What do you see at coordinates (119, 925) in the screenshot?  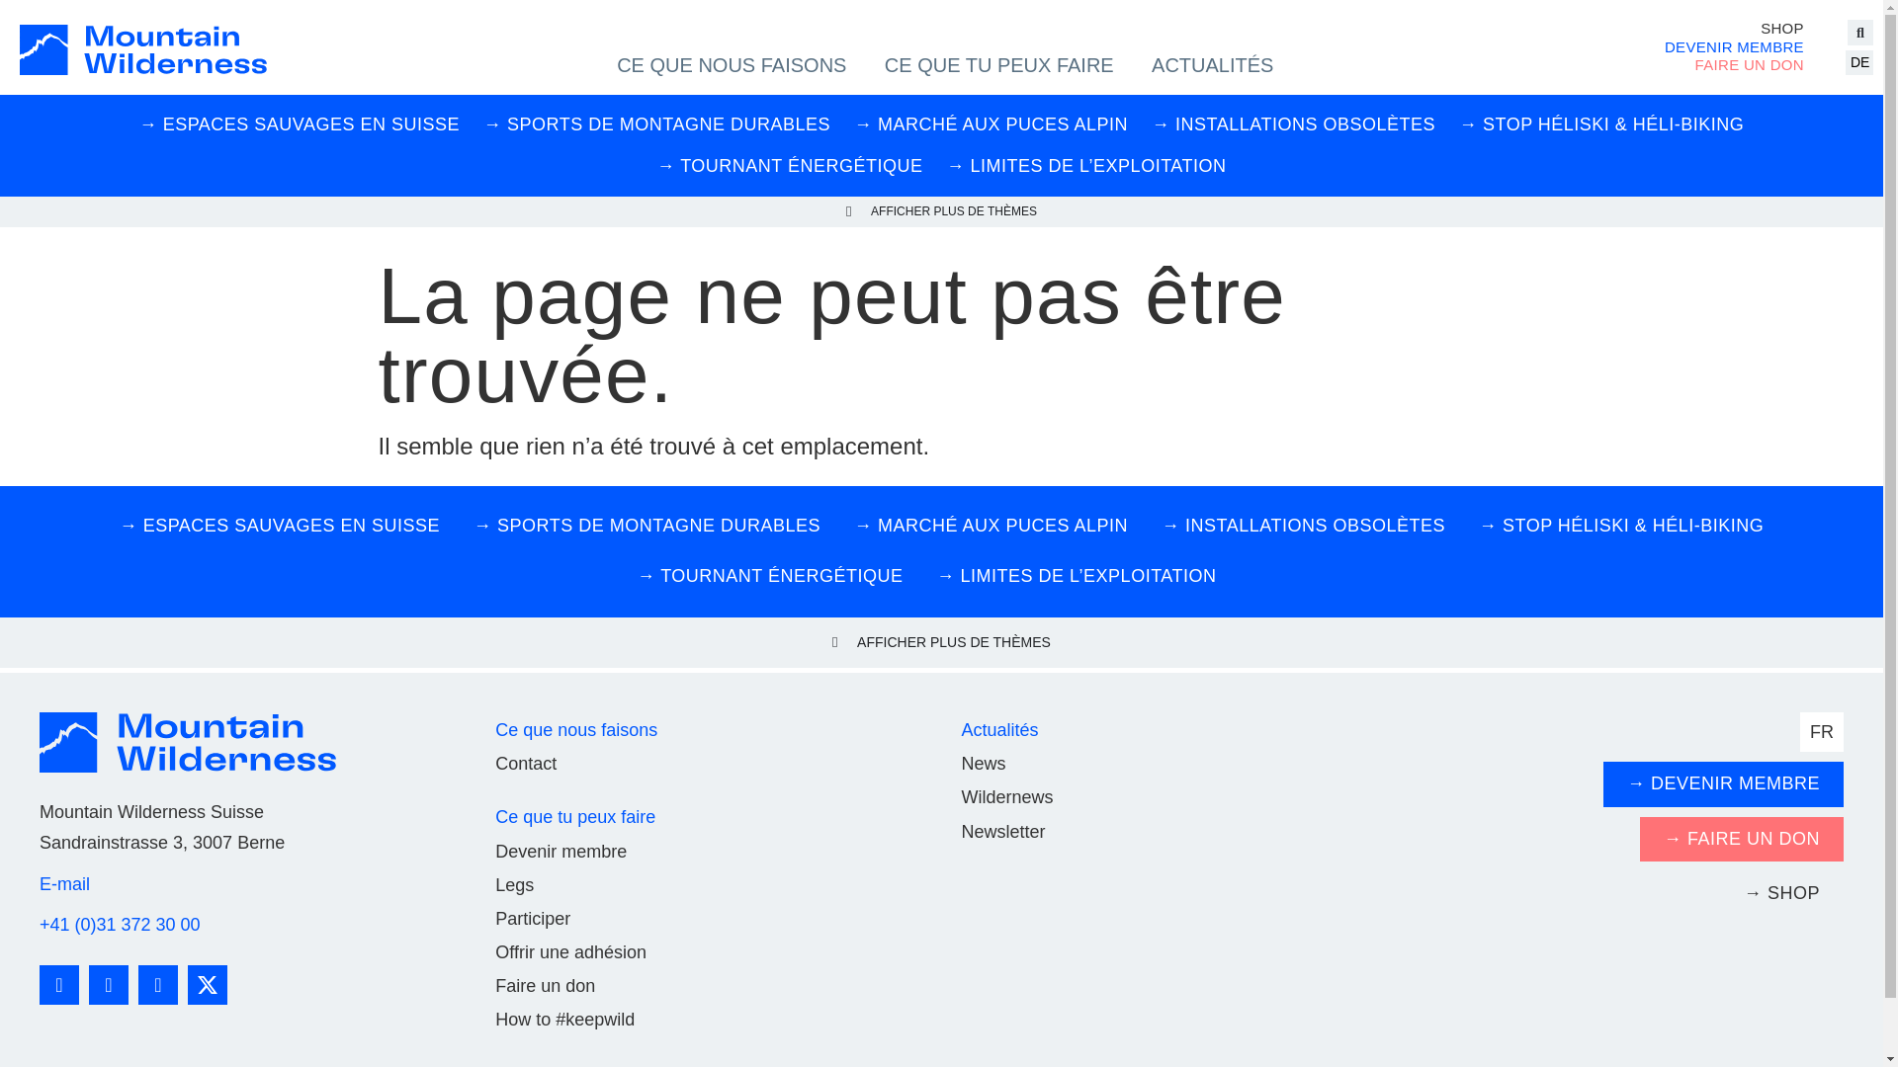 I see `'+41 (0)31 372 30 00'` at bounding box center [119, 925].